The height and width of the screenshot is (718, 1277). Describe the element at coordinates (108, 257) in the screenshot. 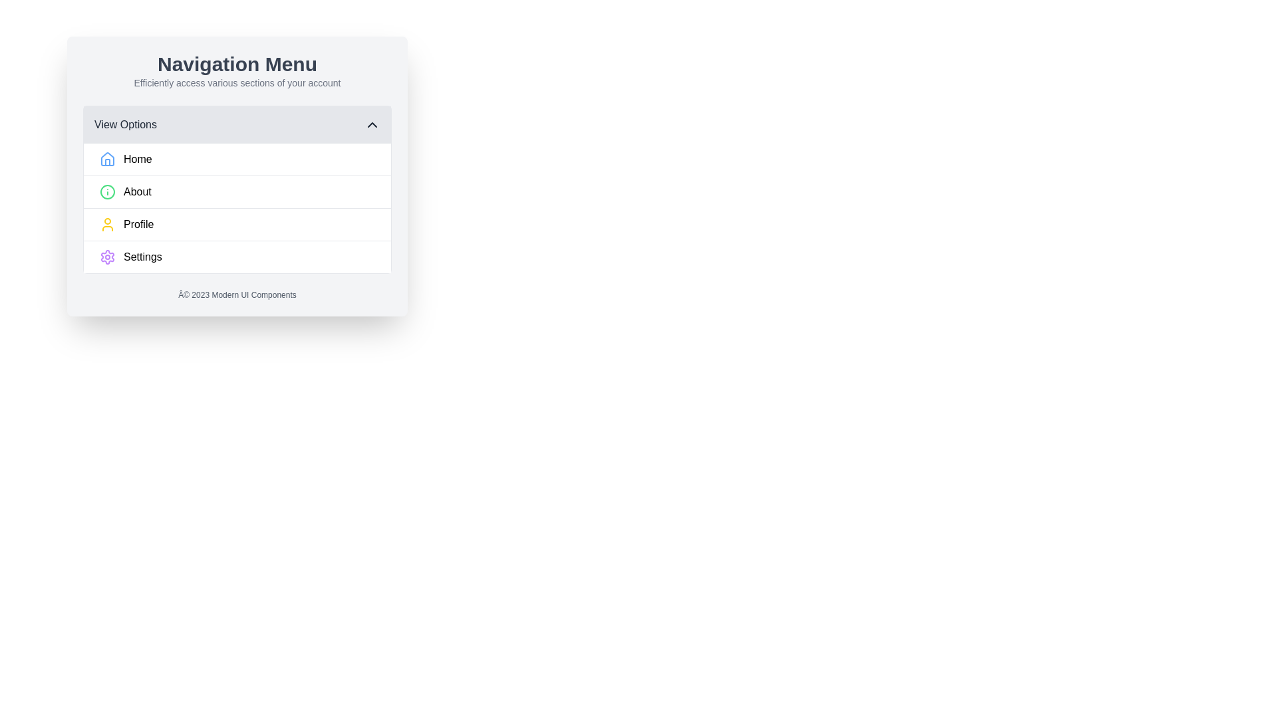

I see `the gear icon, which serves as a shortcut to the settings section and is positioned next to the 'Settings' text in the navigation menu` at that location.